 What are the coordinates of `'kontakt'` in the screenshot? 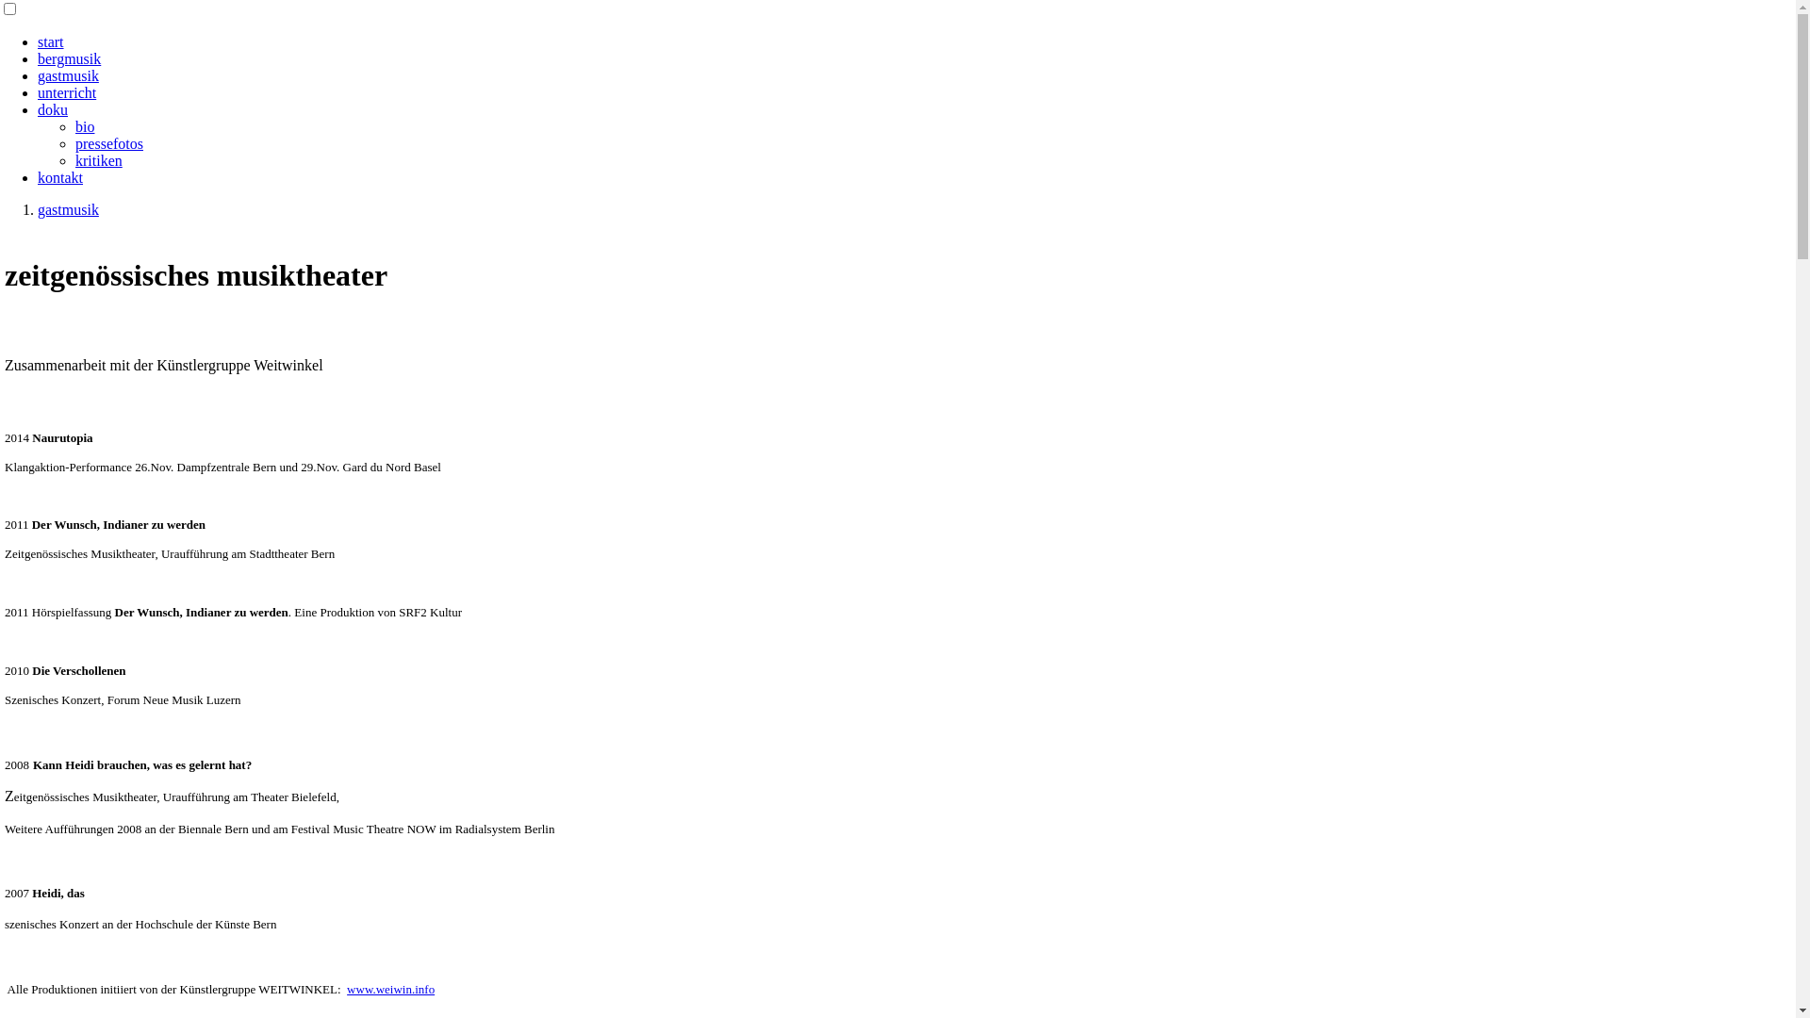 It's located at (59, 177).